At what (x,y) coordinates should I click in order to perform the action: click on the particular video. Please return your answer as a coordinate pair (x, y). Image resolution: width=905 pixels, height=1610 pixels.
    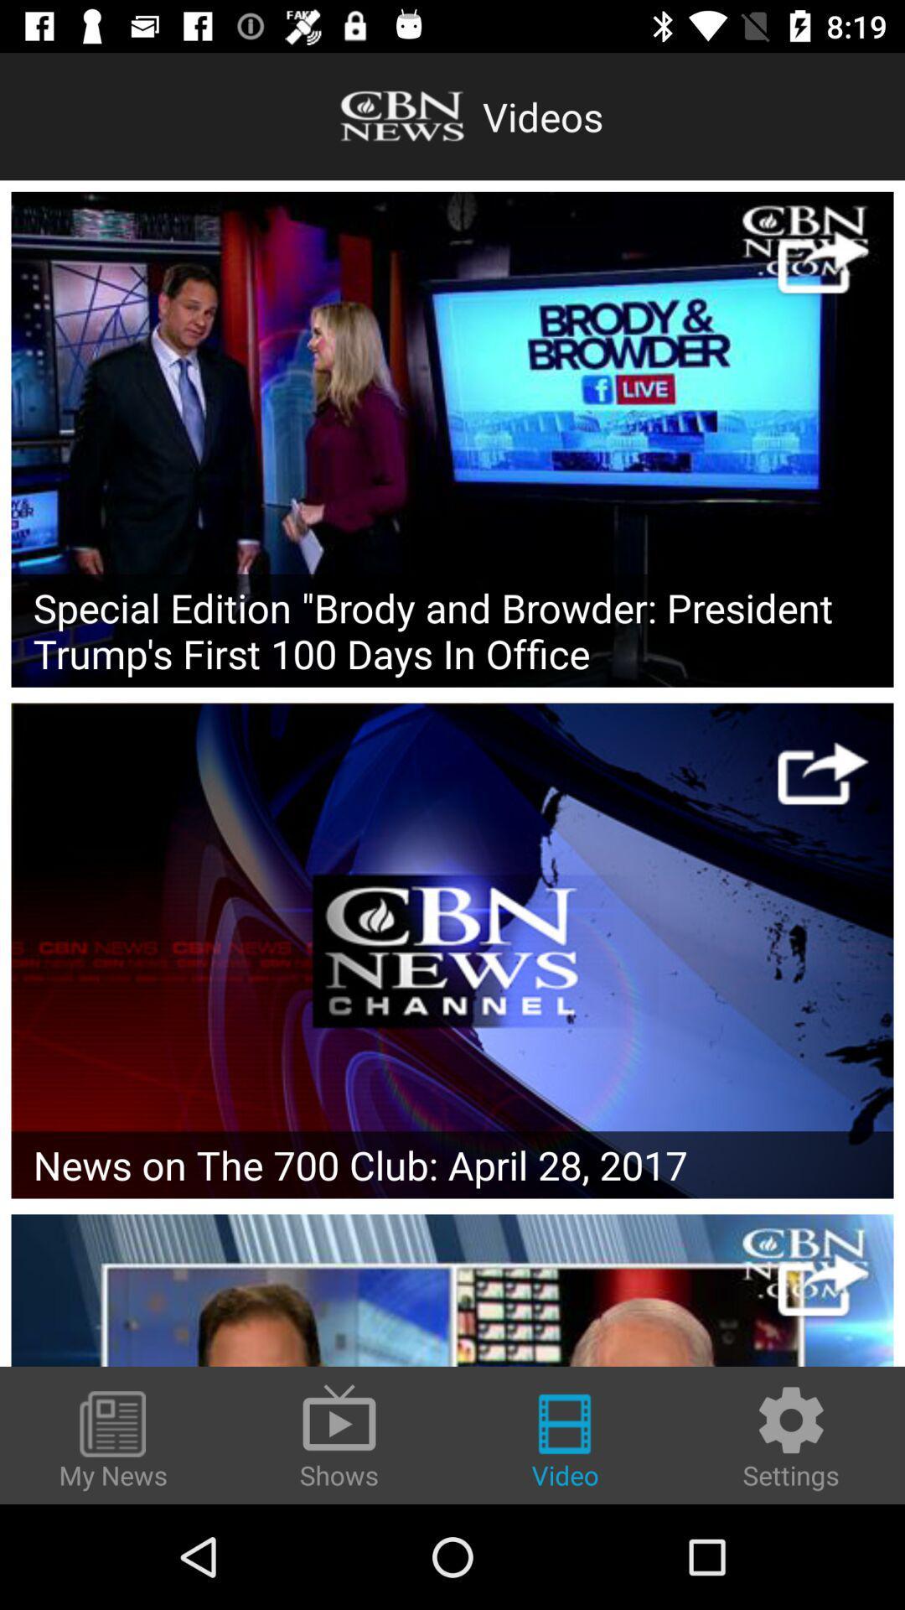
    Looking at the image, I should click on (452, 1290).